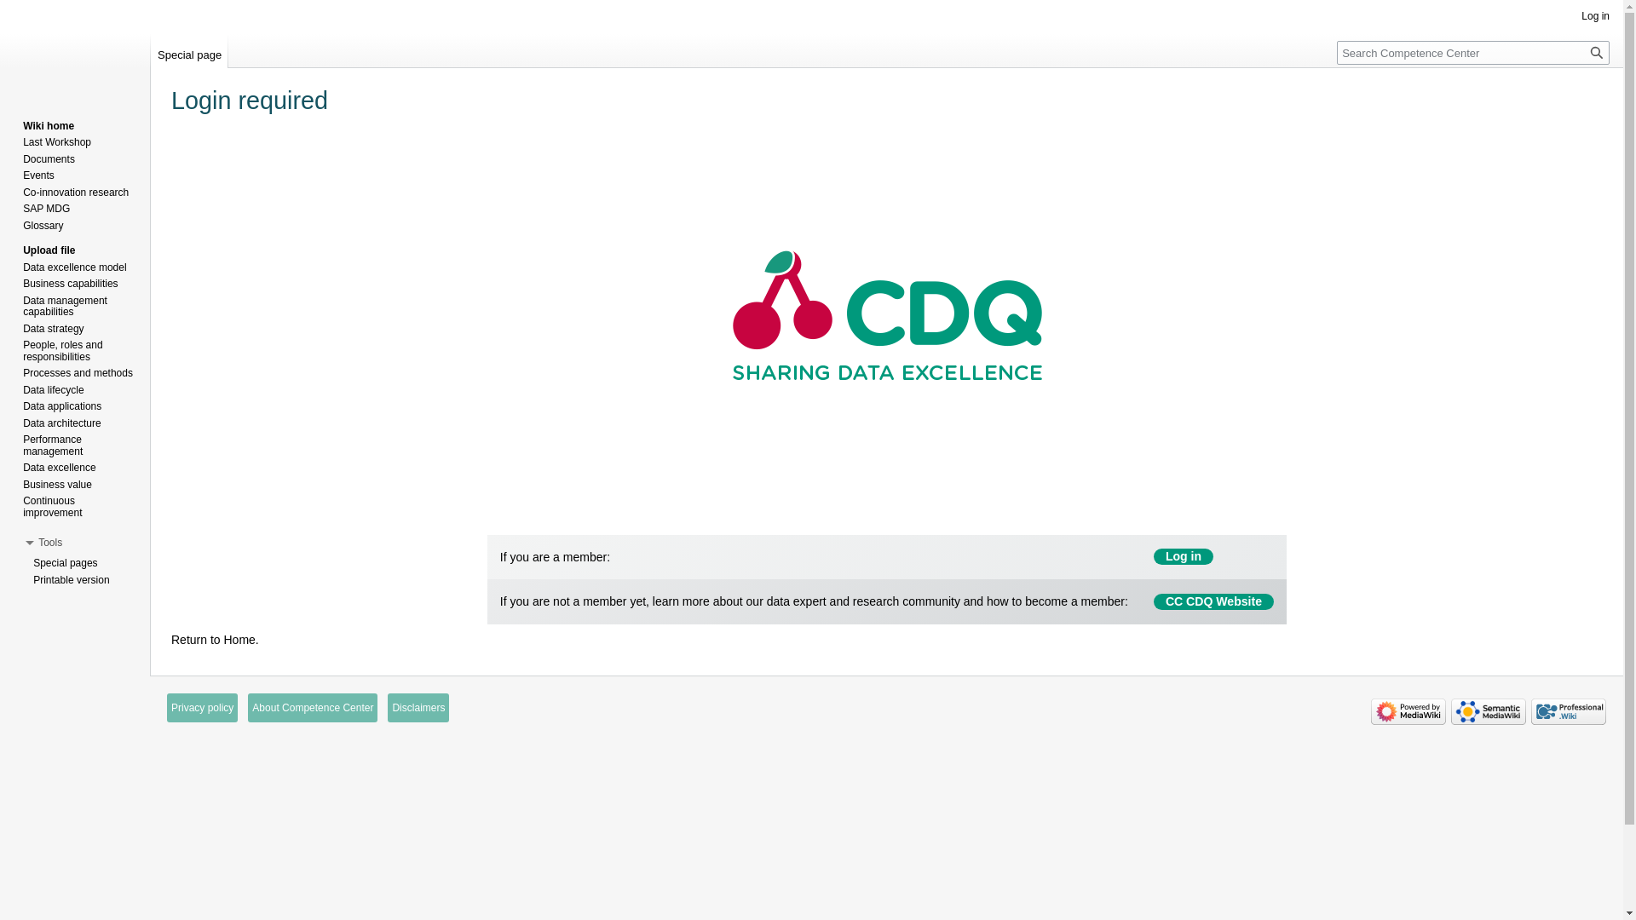 This screenshot has width=1636, height=920. Describe the element at coordinates (23, 390) in the screenshot. I see `'Data lifecycle'` at that location.